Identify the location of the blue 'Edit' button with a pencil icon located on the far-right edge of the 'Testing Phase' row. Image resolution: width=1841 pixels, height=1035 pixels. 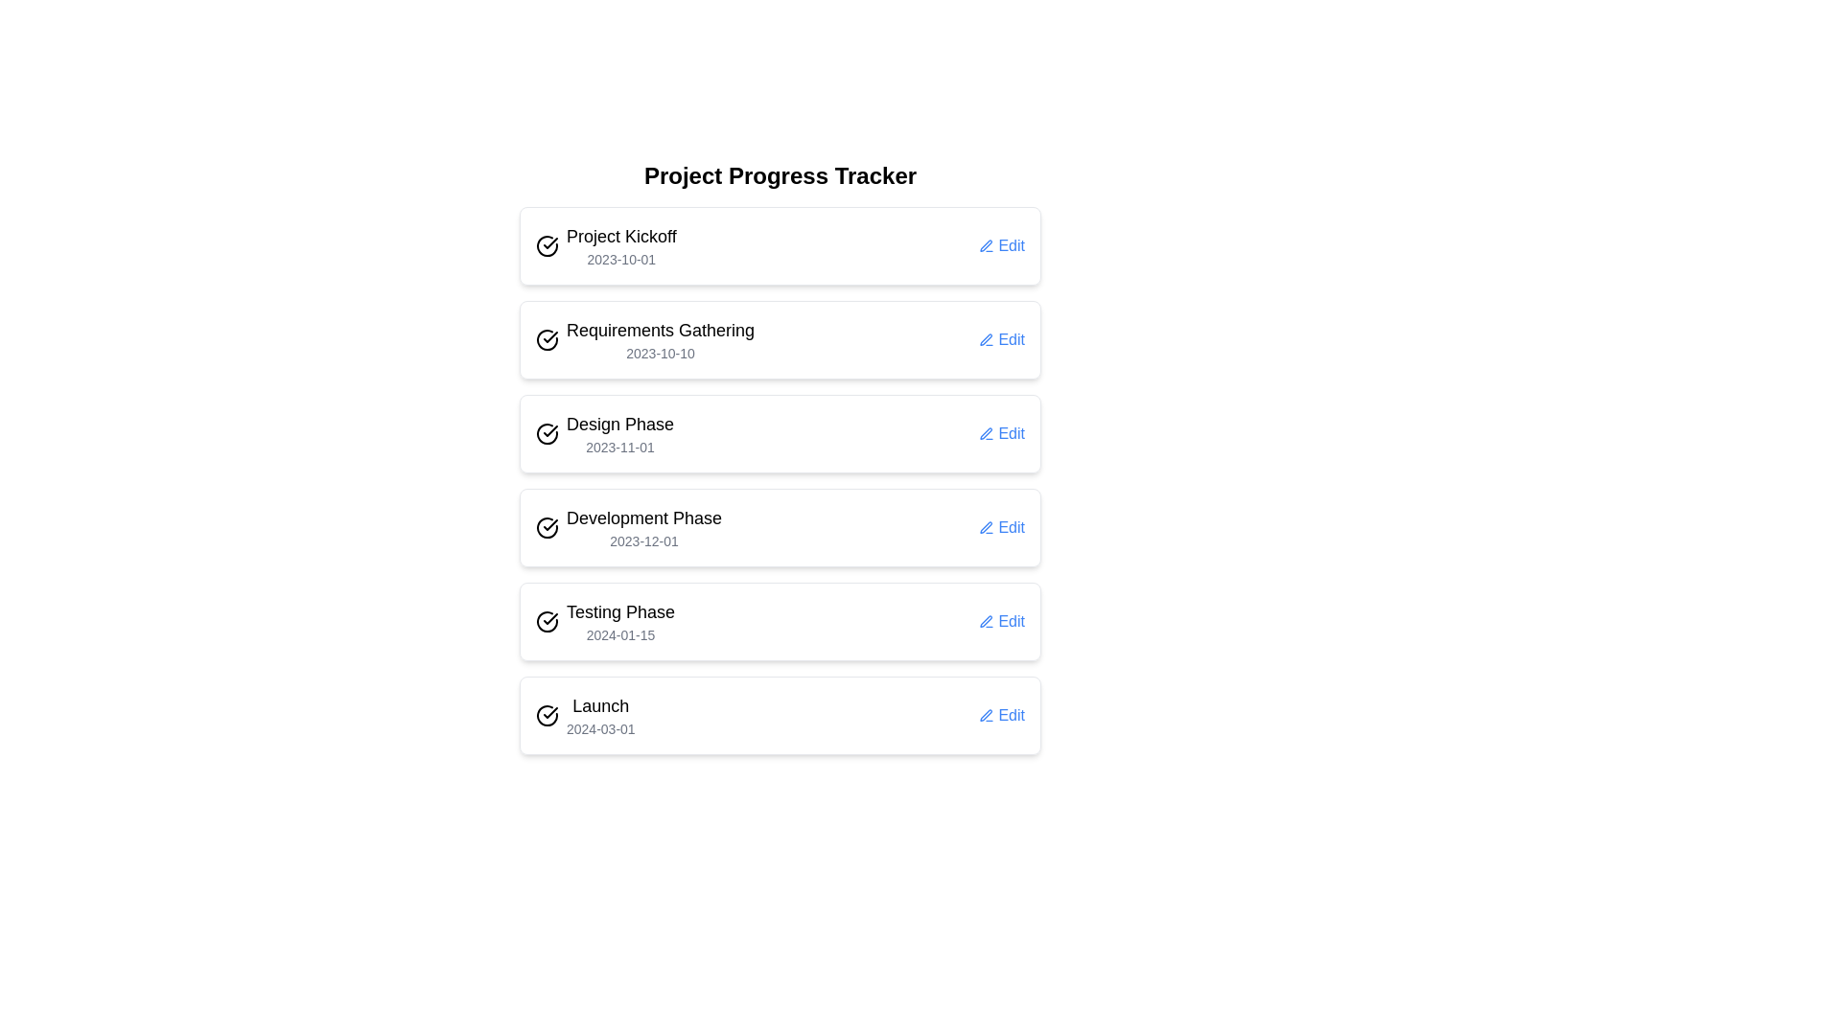
(1001, 621).